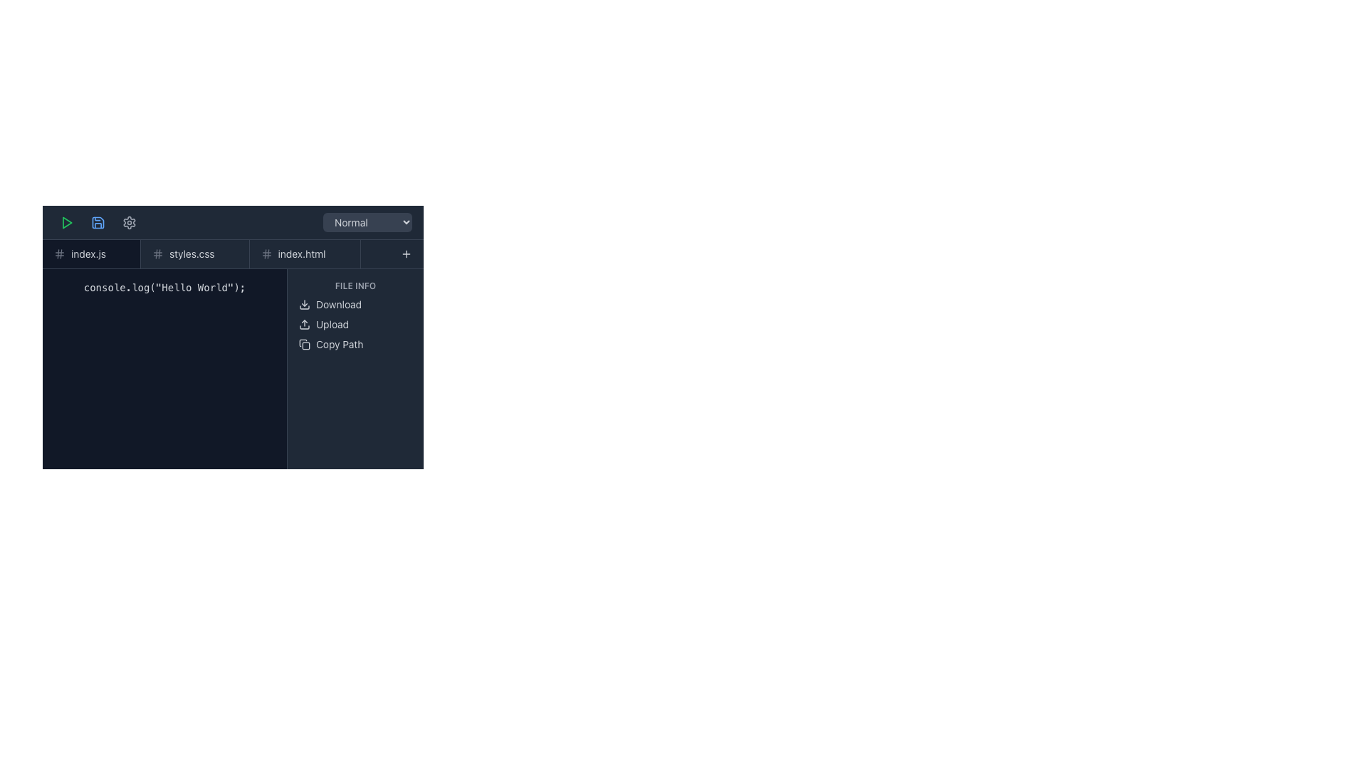 Image resolution: width=1367 pixels, height=769 pixels. I want to click on the active tab 'styles.css' in the Tab Bar, so click(233, 253).